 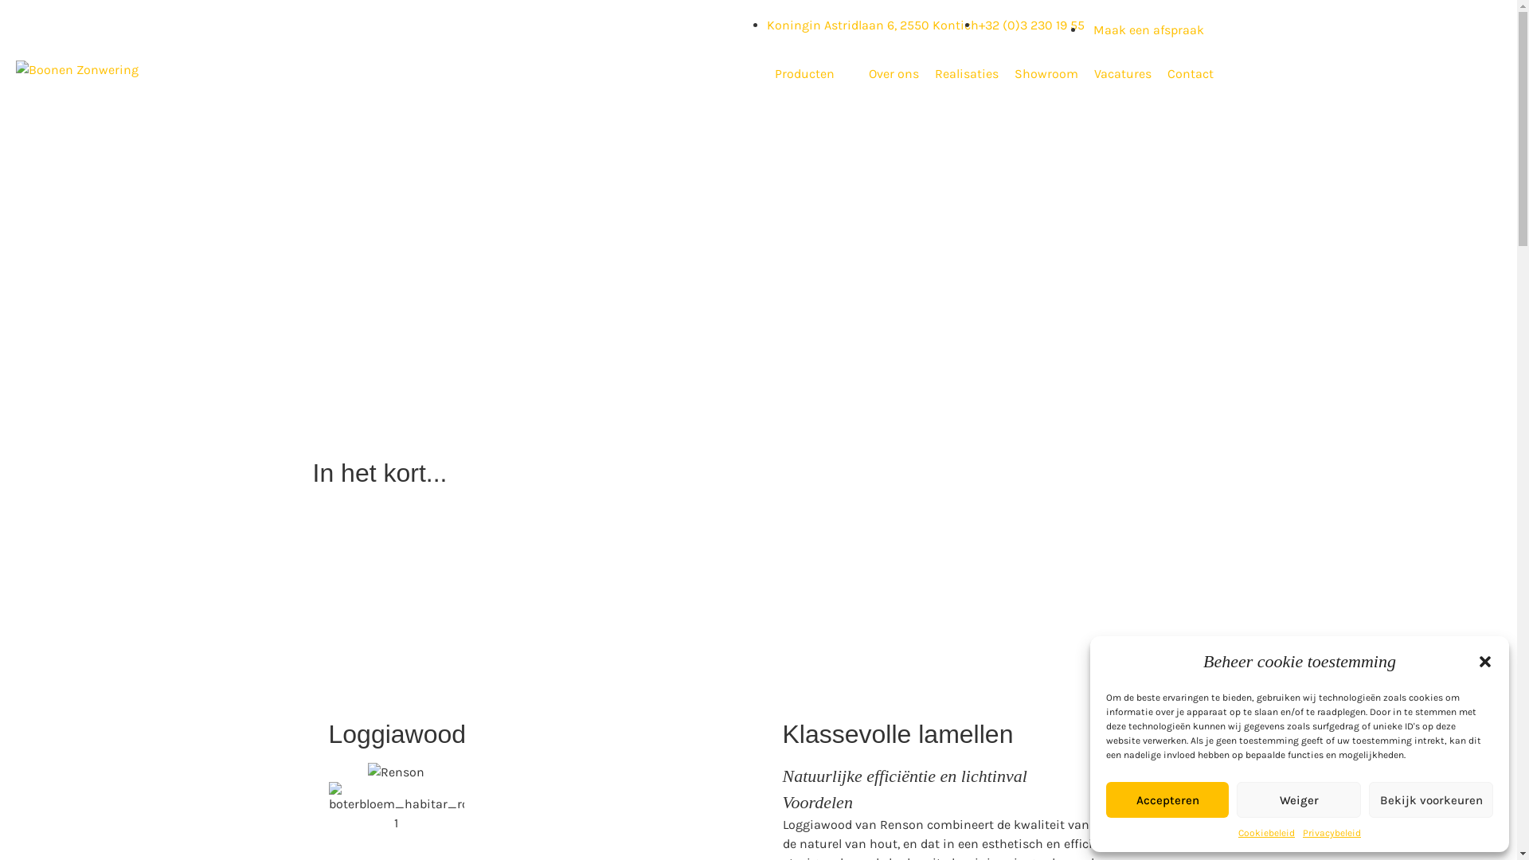 I want to click on 'Contact', so click(x=1190, y=73).